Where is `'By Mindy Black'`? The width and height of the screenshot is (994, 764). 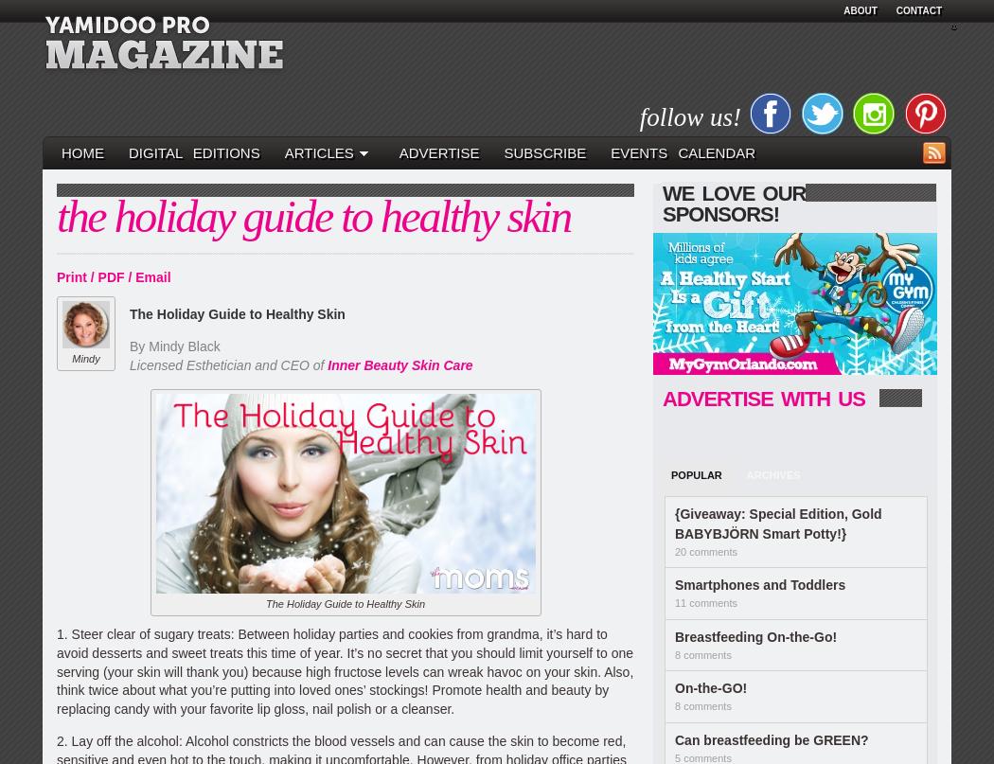 'By Mindy Black' is located at coordinates (174, 346).